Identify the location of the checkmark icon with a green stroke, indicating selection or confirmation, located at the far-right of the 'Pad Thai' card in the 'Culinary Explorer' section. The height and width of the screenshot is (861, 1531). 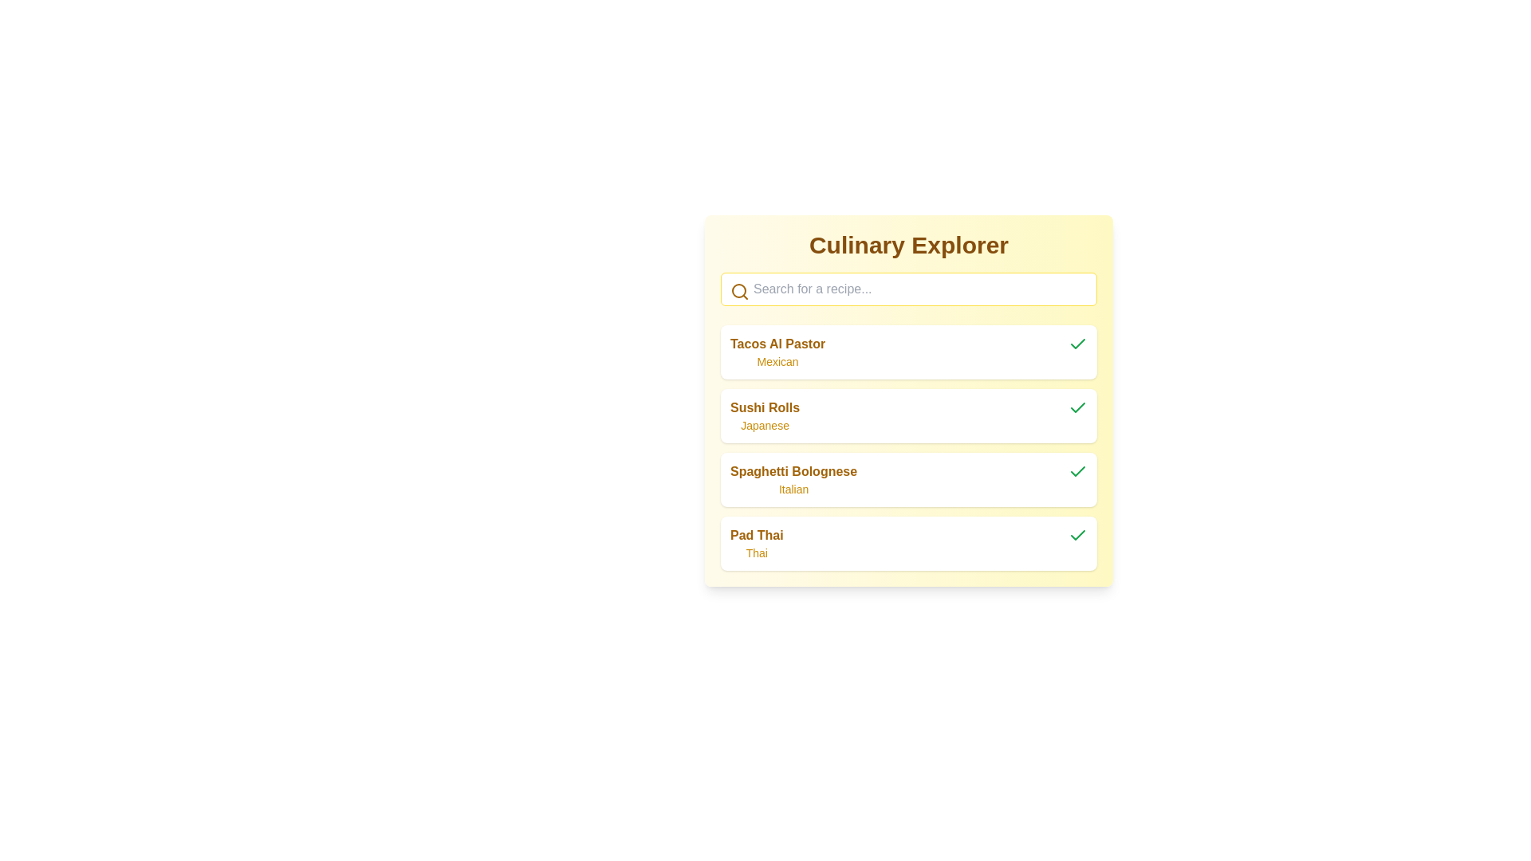
(1078, 535).